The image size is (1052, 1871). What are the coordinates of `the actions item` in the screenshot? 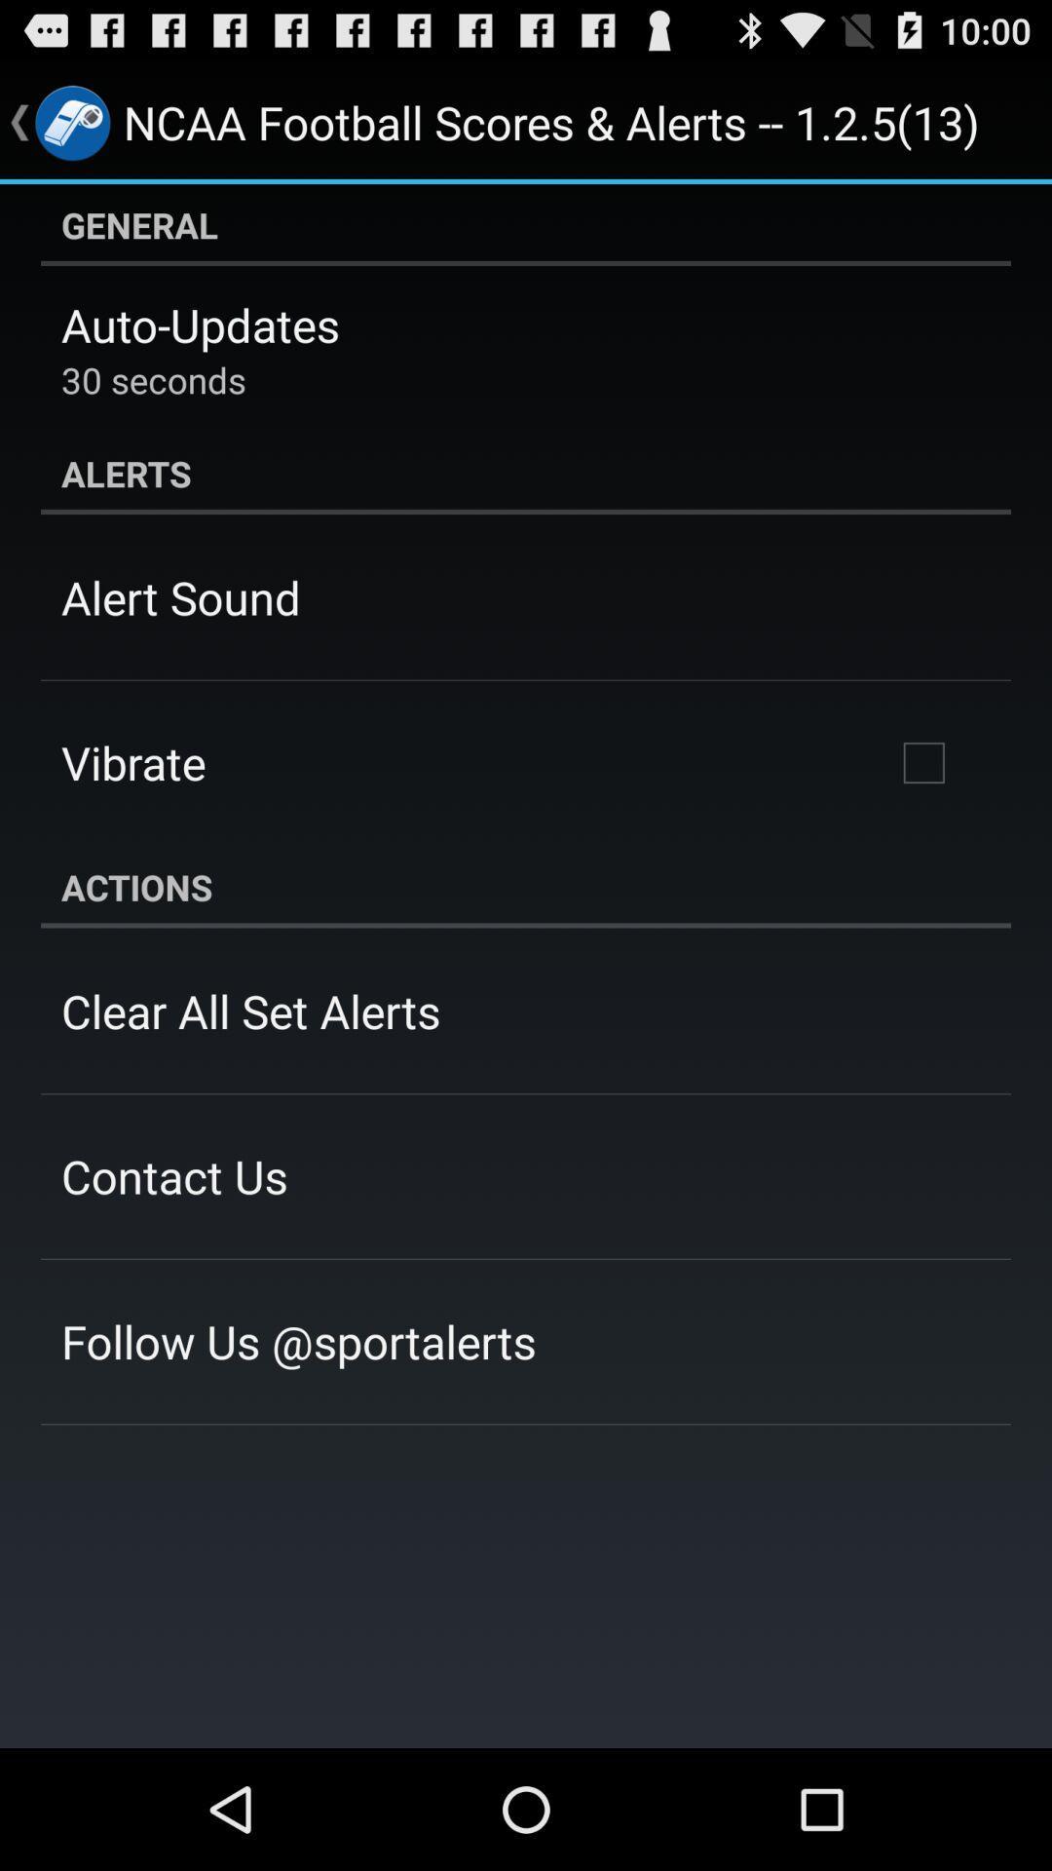 It's located at (526, 886).